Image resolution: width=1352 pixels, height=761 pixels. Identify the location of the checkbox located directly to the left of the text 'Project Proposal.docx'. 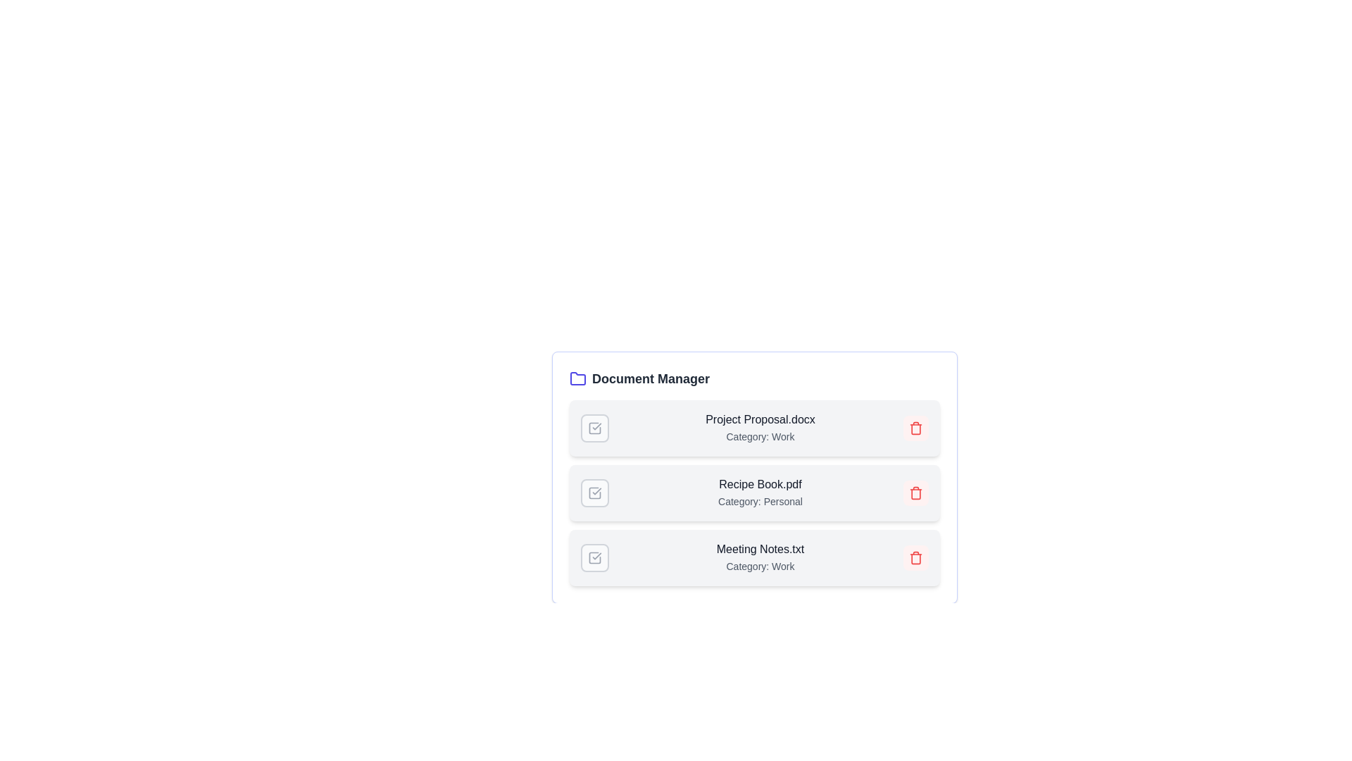
(594, 428).